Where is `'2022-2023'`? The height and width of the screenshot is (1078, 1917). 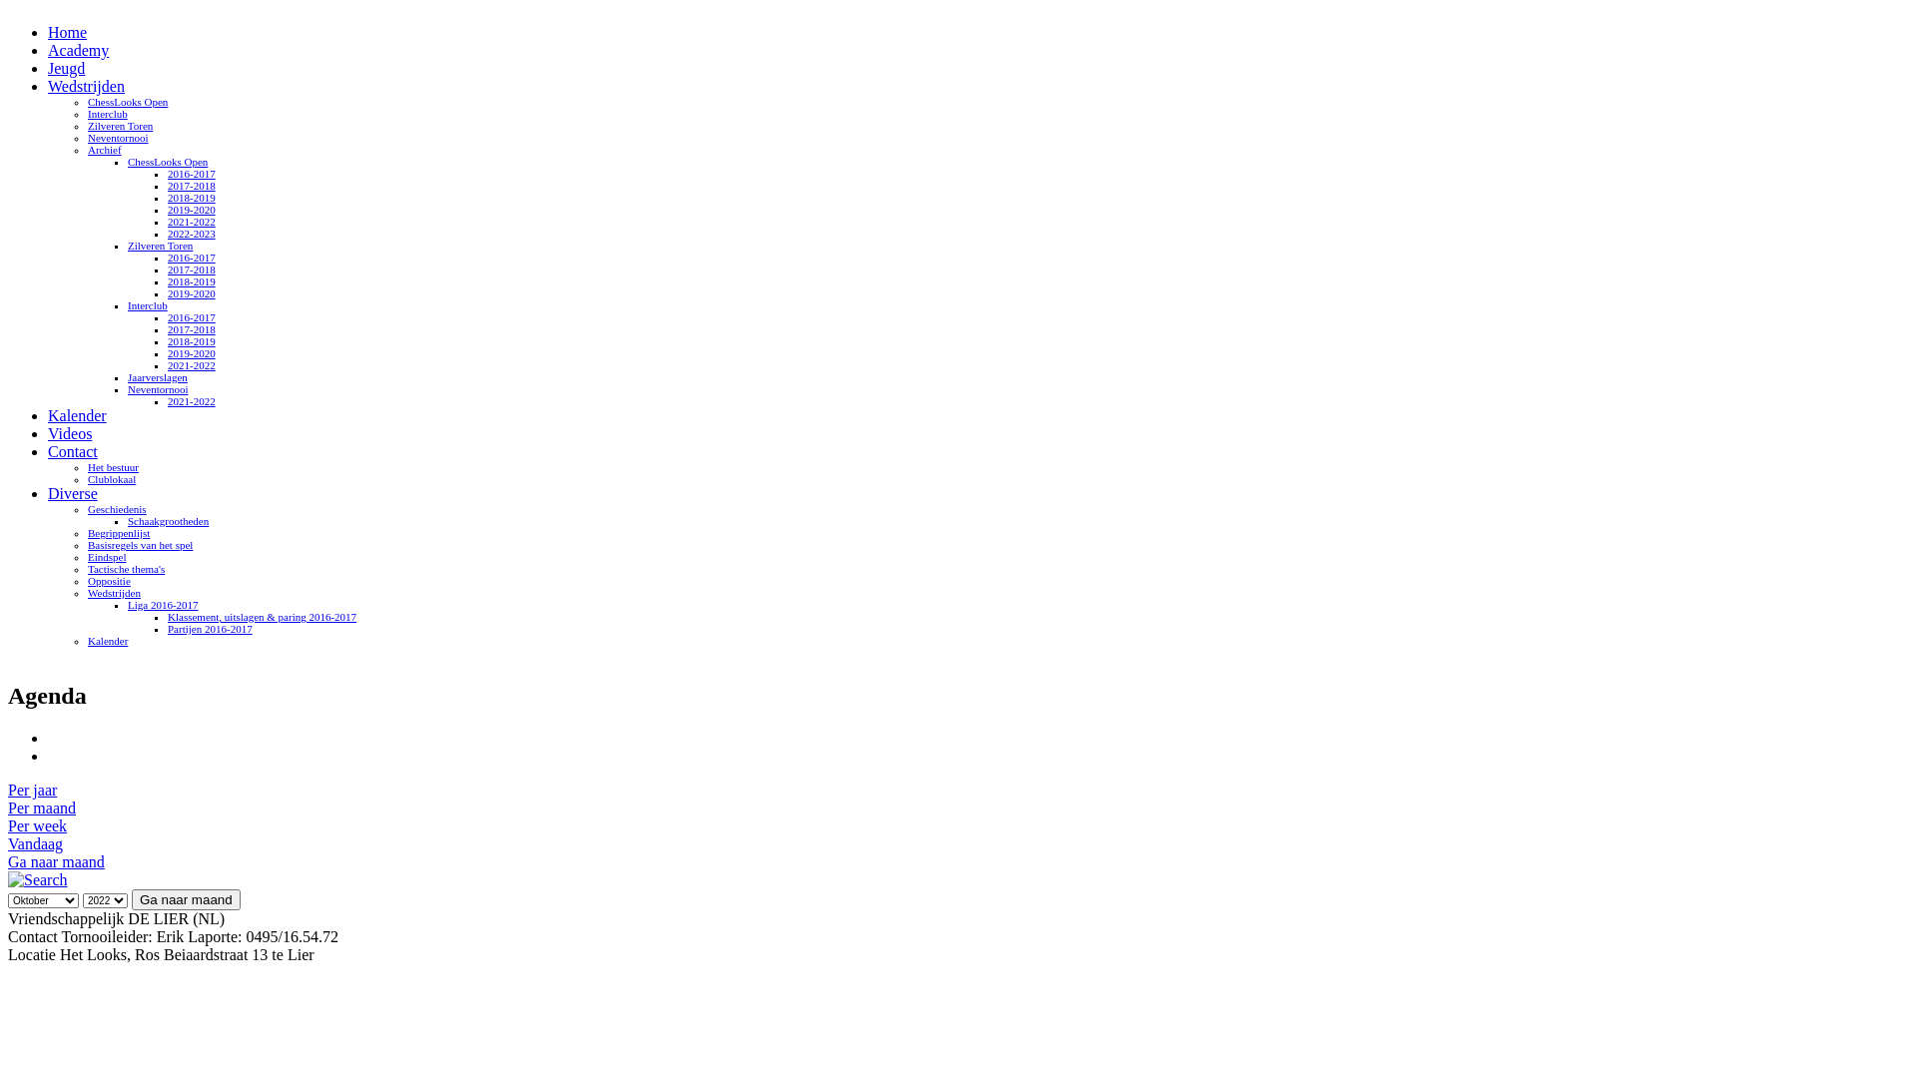 '2022-2023' is located at coordinates (192, 233).